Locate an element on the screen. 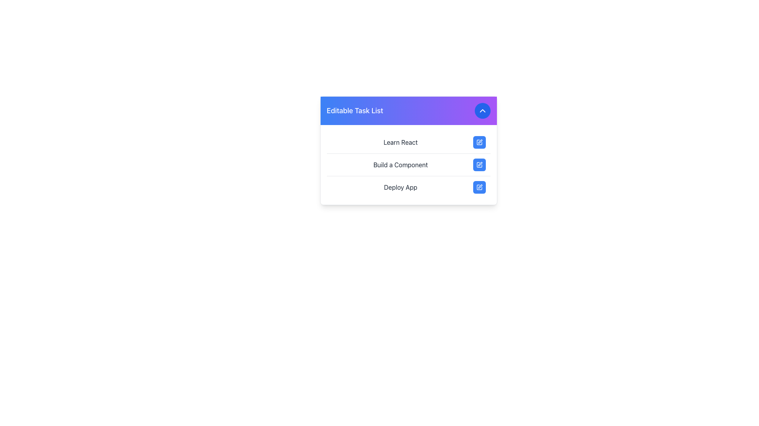 This screenshot has width=759, height=426. the edit tool button with a blue background and white pen outline, located to the right of 'Deploy App' in the bottom row of the list, for additional info is located at coordinates (479, 187).